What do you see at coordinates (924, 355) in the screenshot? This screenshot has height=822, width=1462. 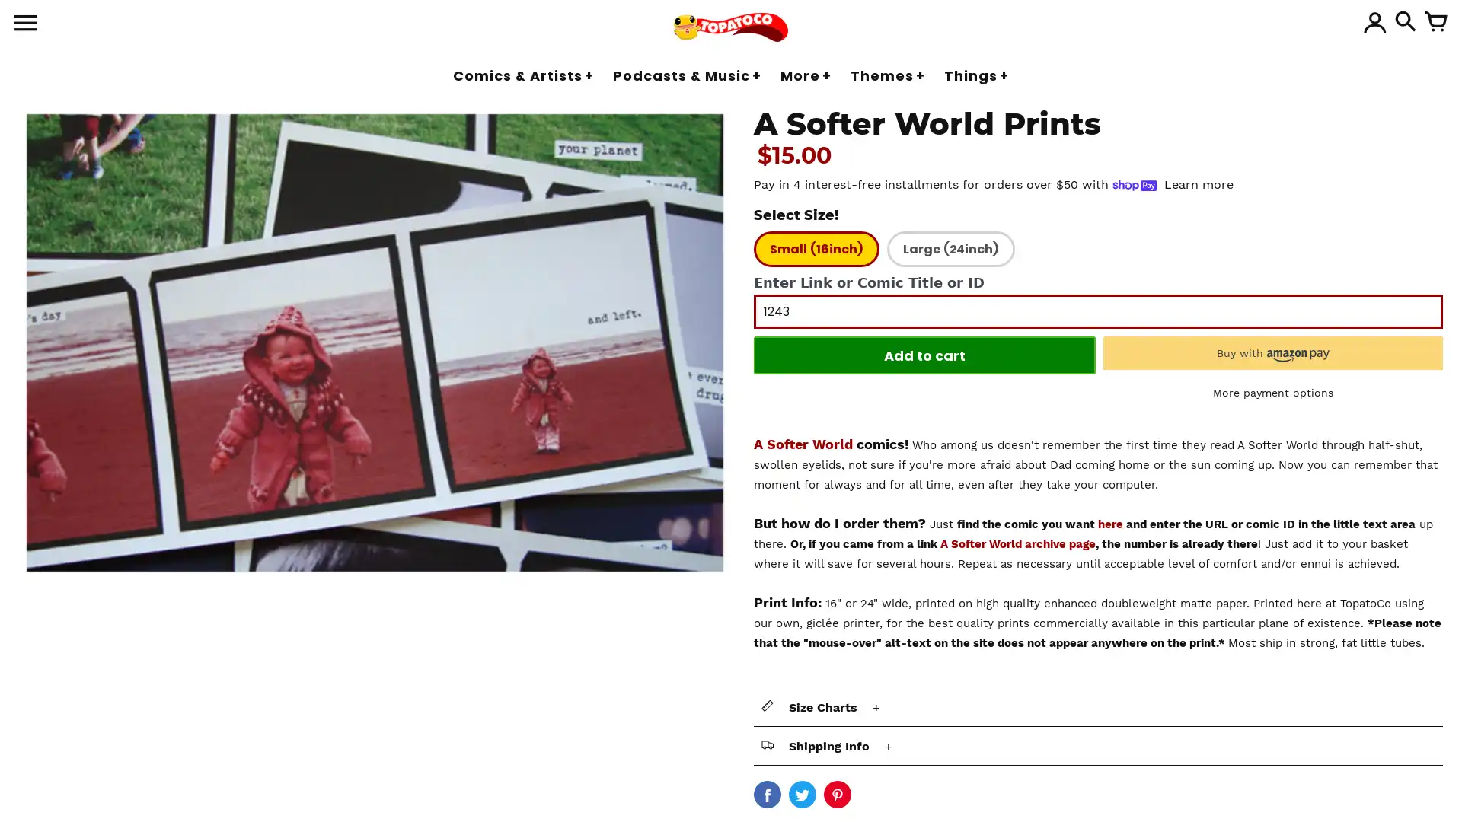 I see `Add to cart` at bounding box center [924, 355].